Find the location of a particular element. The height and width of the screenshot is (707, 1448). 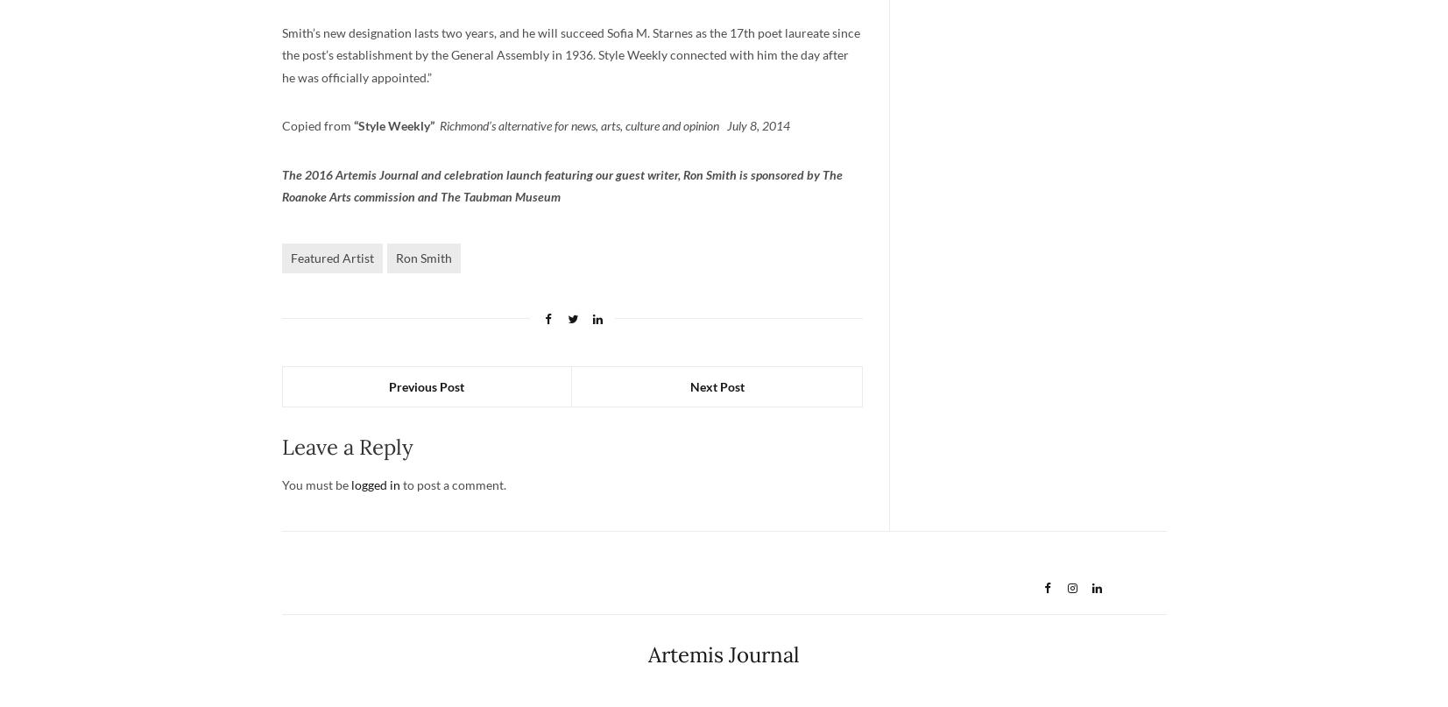

'Ron Smith' is located at coordinates (393, 257).